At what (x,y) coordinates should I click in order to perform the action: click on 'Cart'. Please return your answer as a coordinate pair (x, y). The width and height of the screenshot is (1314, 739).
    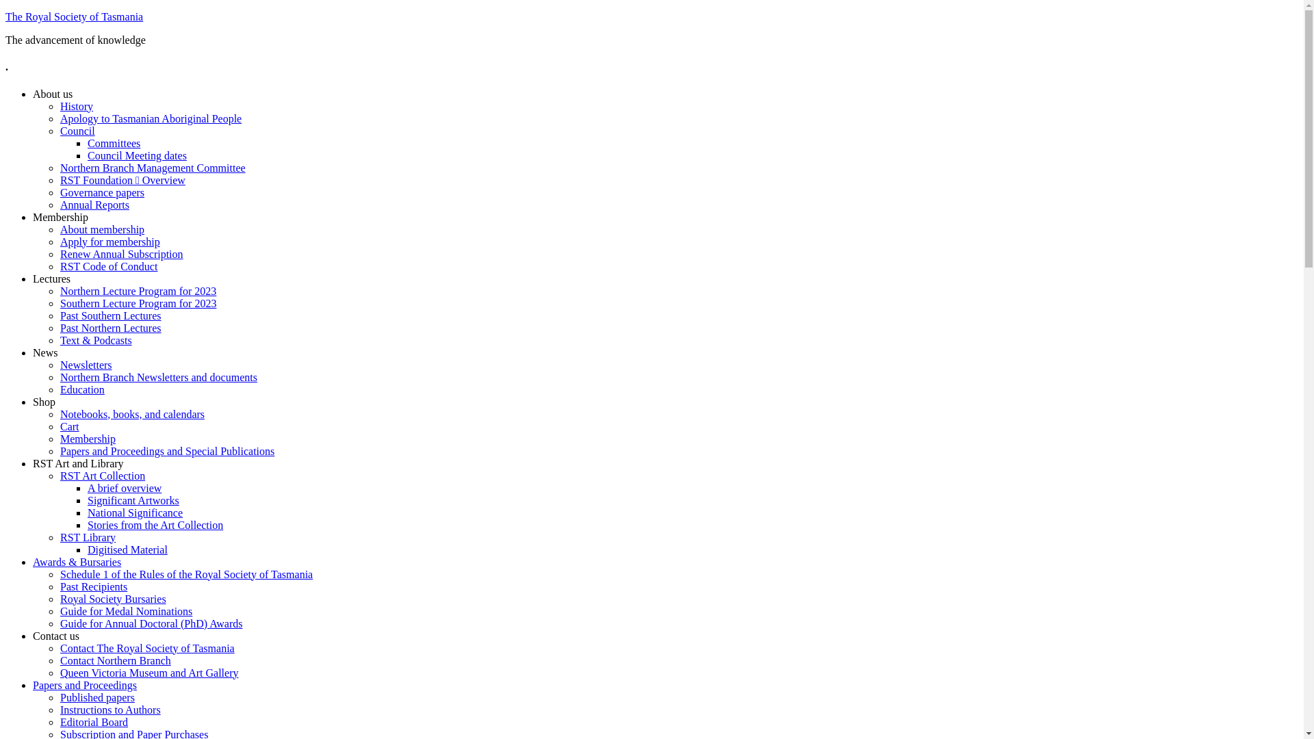
    Looking at the image, I should click on (68, 426).